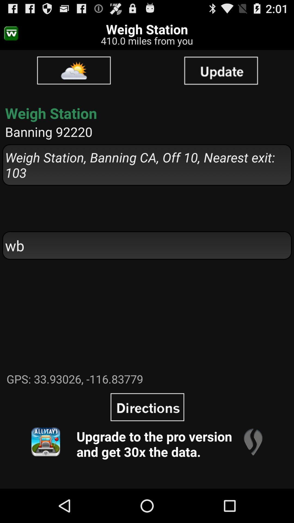 This screenshot has width=294, height=523. What do you see at coordinates (253, 442) in the screenshot?
I see `the item to the right of upgrade to the` at bounding box center [253, 442].